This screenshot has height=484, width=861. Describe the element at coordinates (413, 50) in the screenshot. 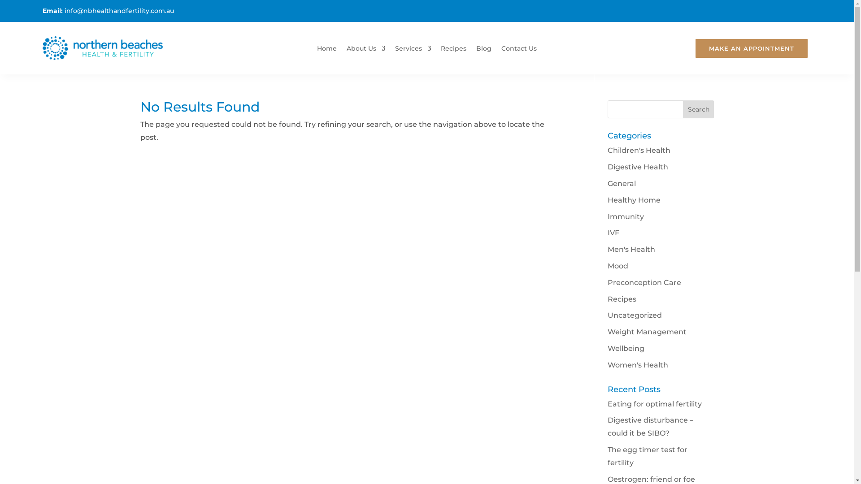

I see `'Services'` at that location.